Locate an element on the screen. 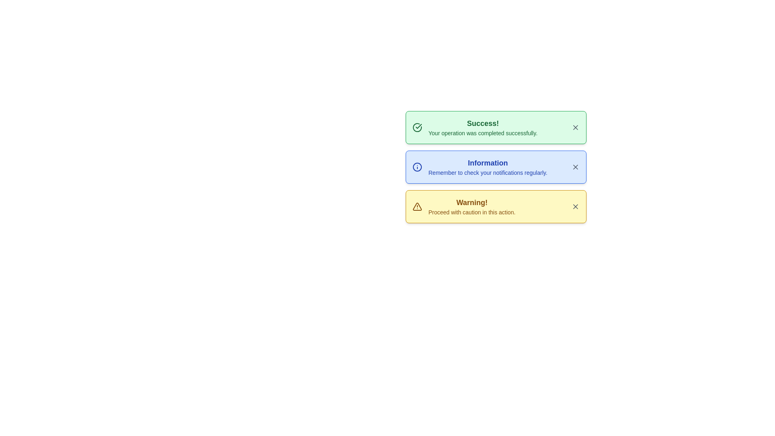  the Checkmark graphic within the 'Success!' button to indicate a successful operation is located at coordinates (418, 126).